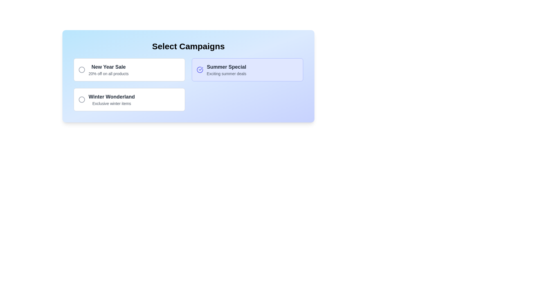  Describe the element at coordinates (129, 99) in the screenshot. I see `the 'Winter Wonderland' campaign card` at that location.